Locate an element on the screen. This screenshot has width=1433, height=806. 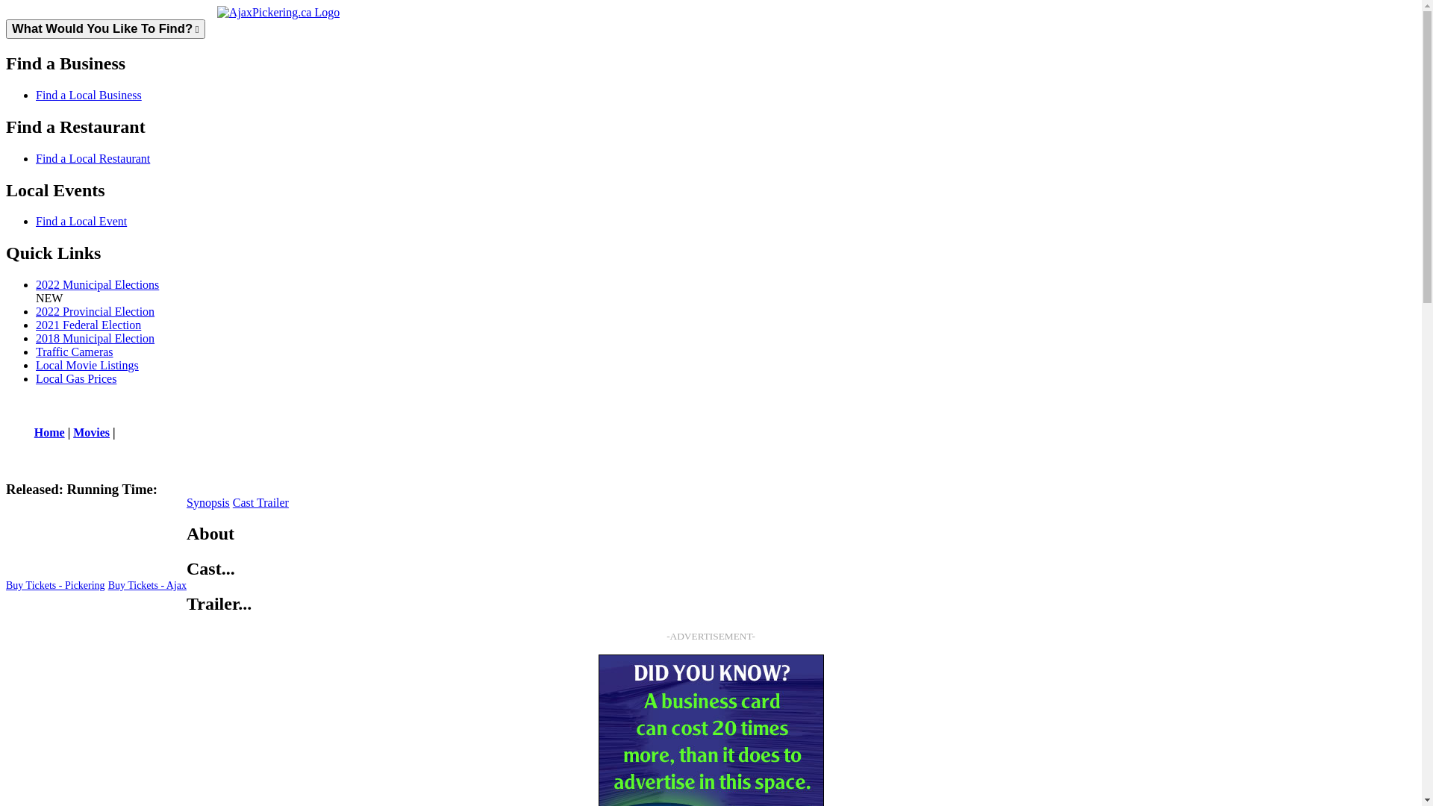
'Traffic Cameras' is located at coordinates (74, 352).